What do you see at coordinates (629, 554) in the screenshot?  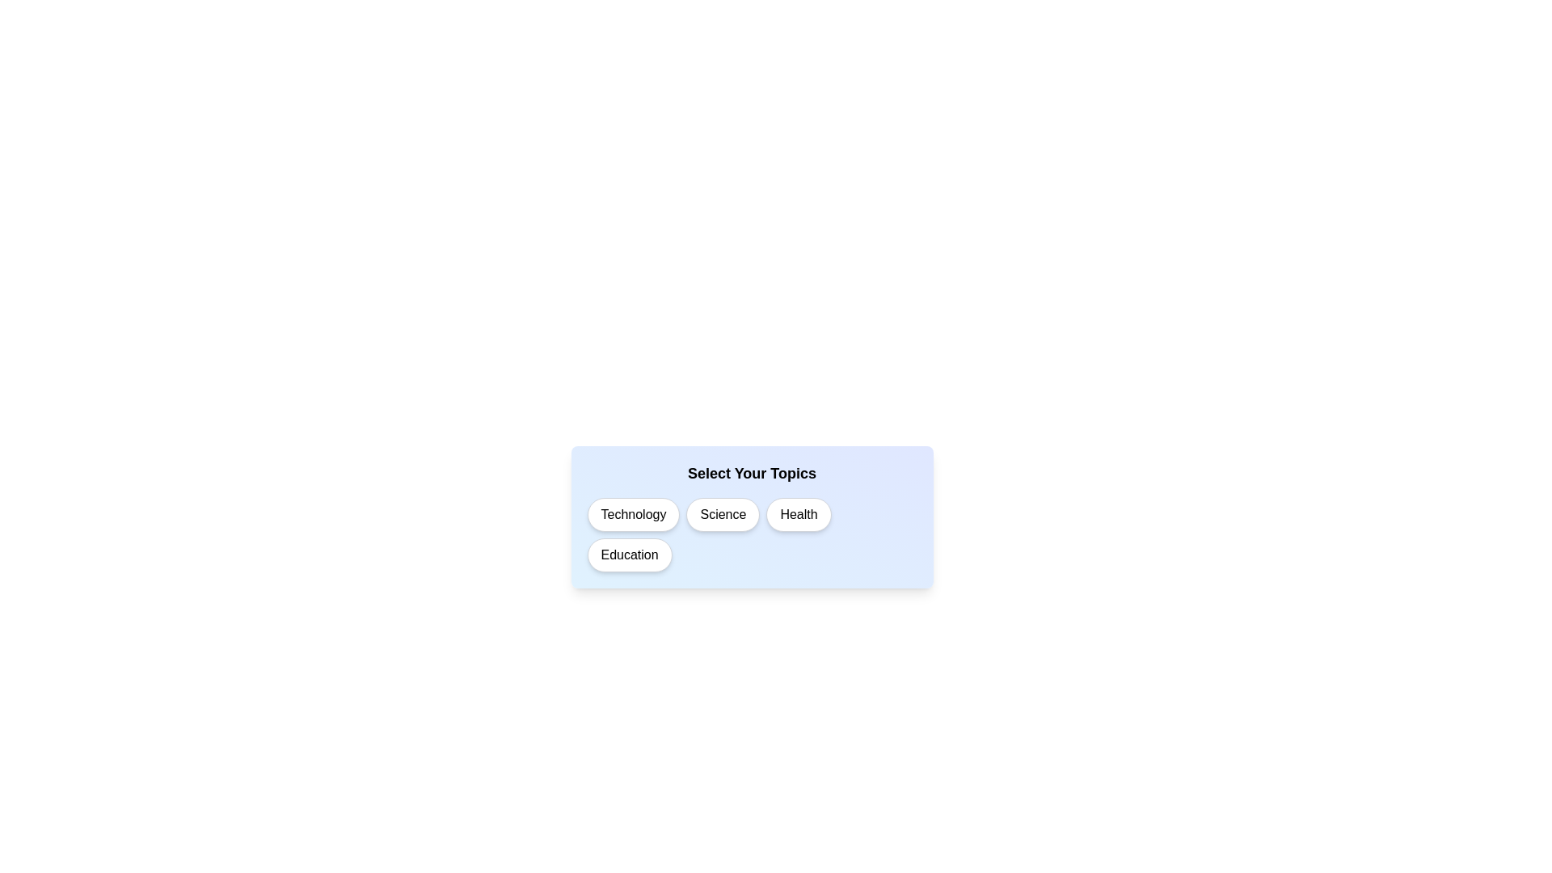 I see `the topic Education to observe its visual feedback` at bounding box center [629, 554].